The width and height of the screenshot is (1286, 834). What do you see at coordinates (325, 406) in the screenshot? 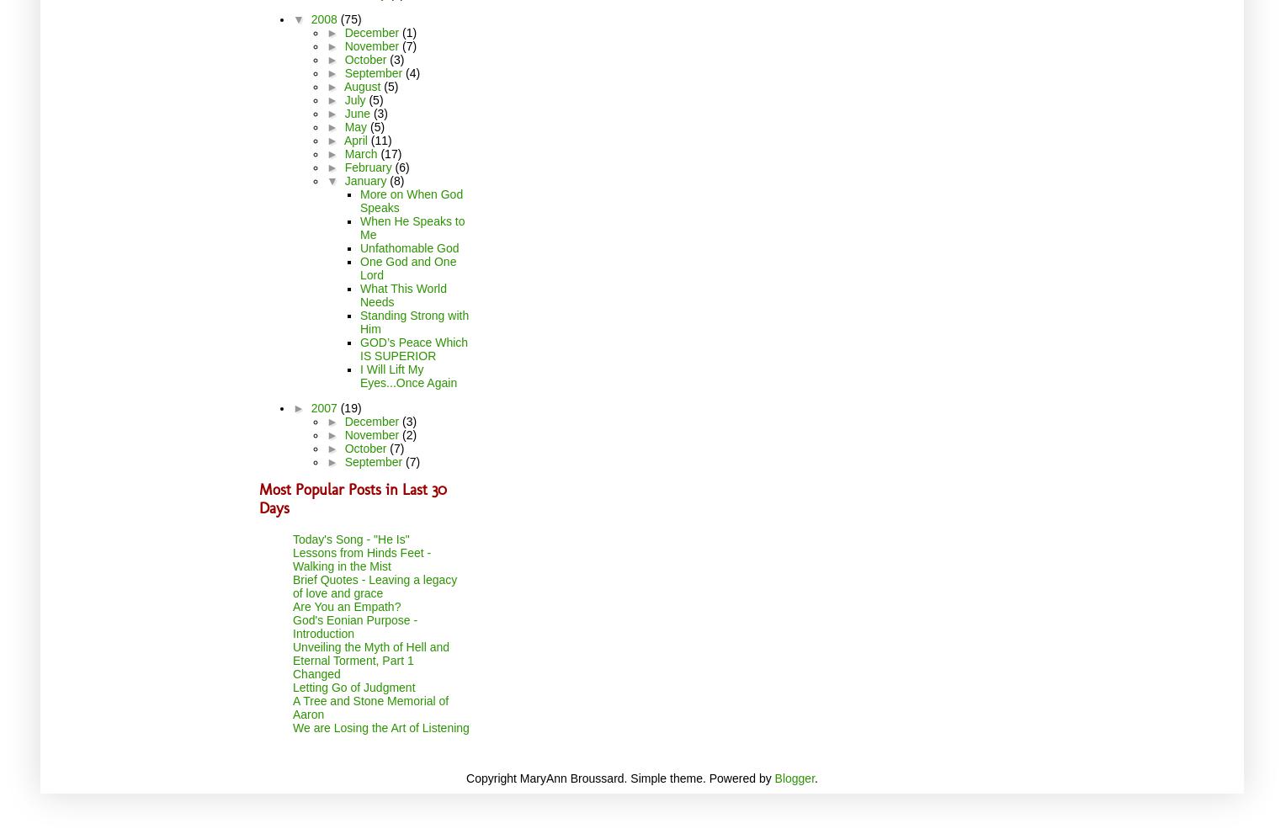
I see `'2007'` at bounding box center [325, 406].